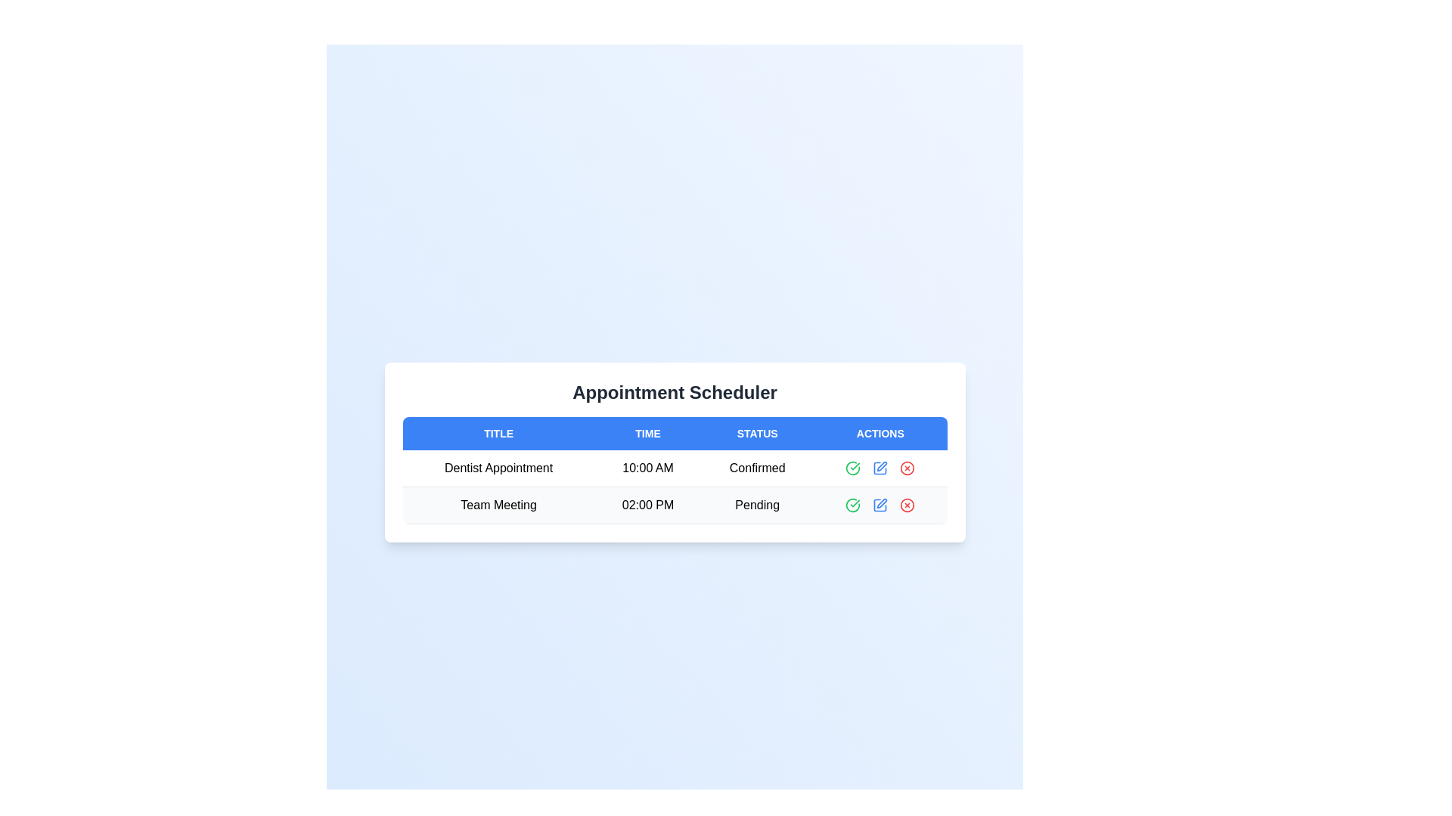  What do you see at coordinates (907, 505) in the screenshot?
I see `the delete icon with a circular shape in the 'Actions' column of the second row, adjacent to the 'Team Meeting' title` at bounding box center [907, 505].